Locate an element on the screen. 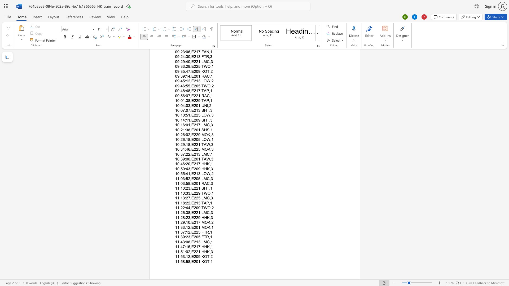 Image resolution: width=509 pixels, height=286 pixels. the subset text ",E20" within the text "10:50:43,E209,HHK,3" is located at coordinates (190, 169).